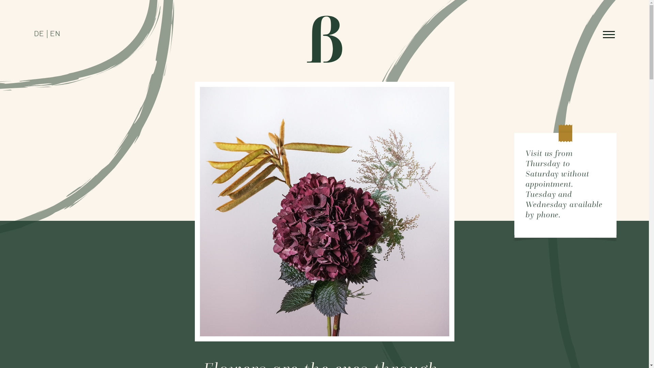 The height and width of the screenshot is (368, 654). What do you see at coordinates (39, 34) in the screenshot?
I see `'DE'` at bounding box center [39, 34].